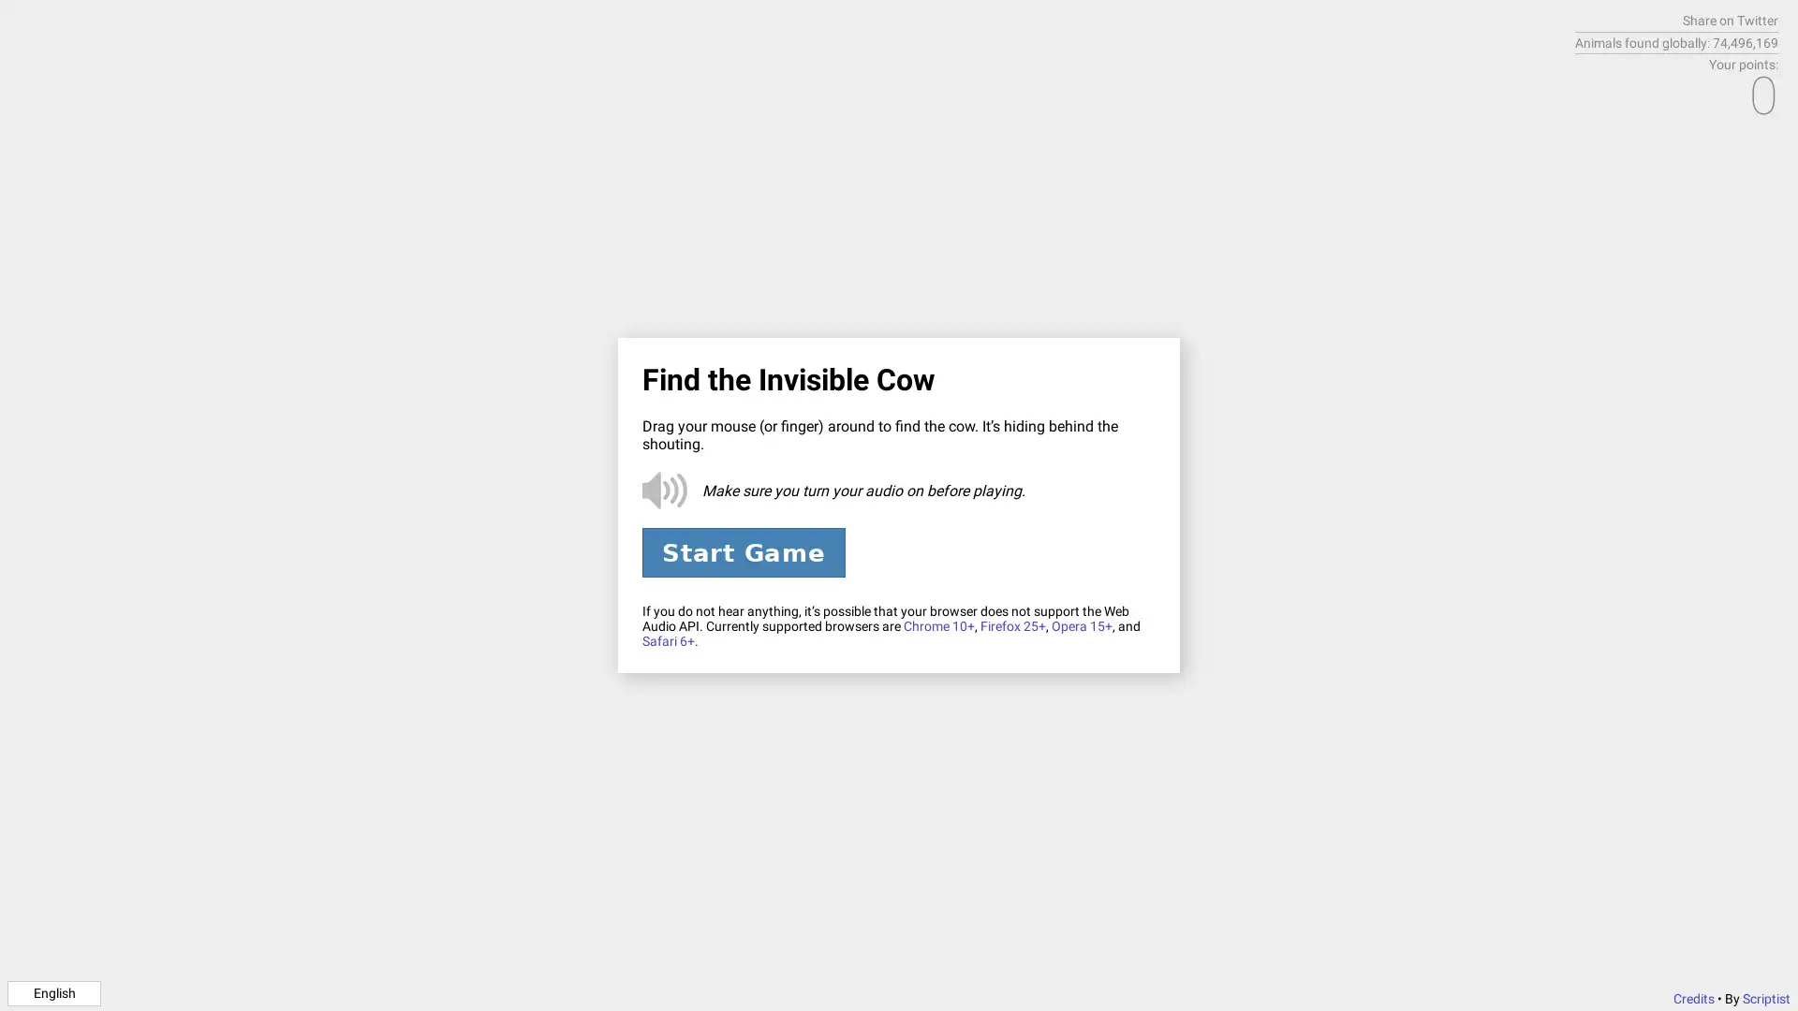  I want to click on Start Game, so click(742, 551).